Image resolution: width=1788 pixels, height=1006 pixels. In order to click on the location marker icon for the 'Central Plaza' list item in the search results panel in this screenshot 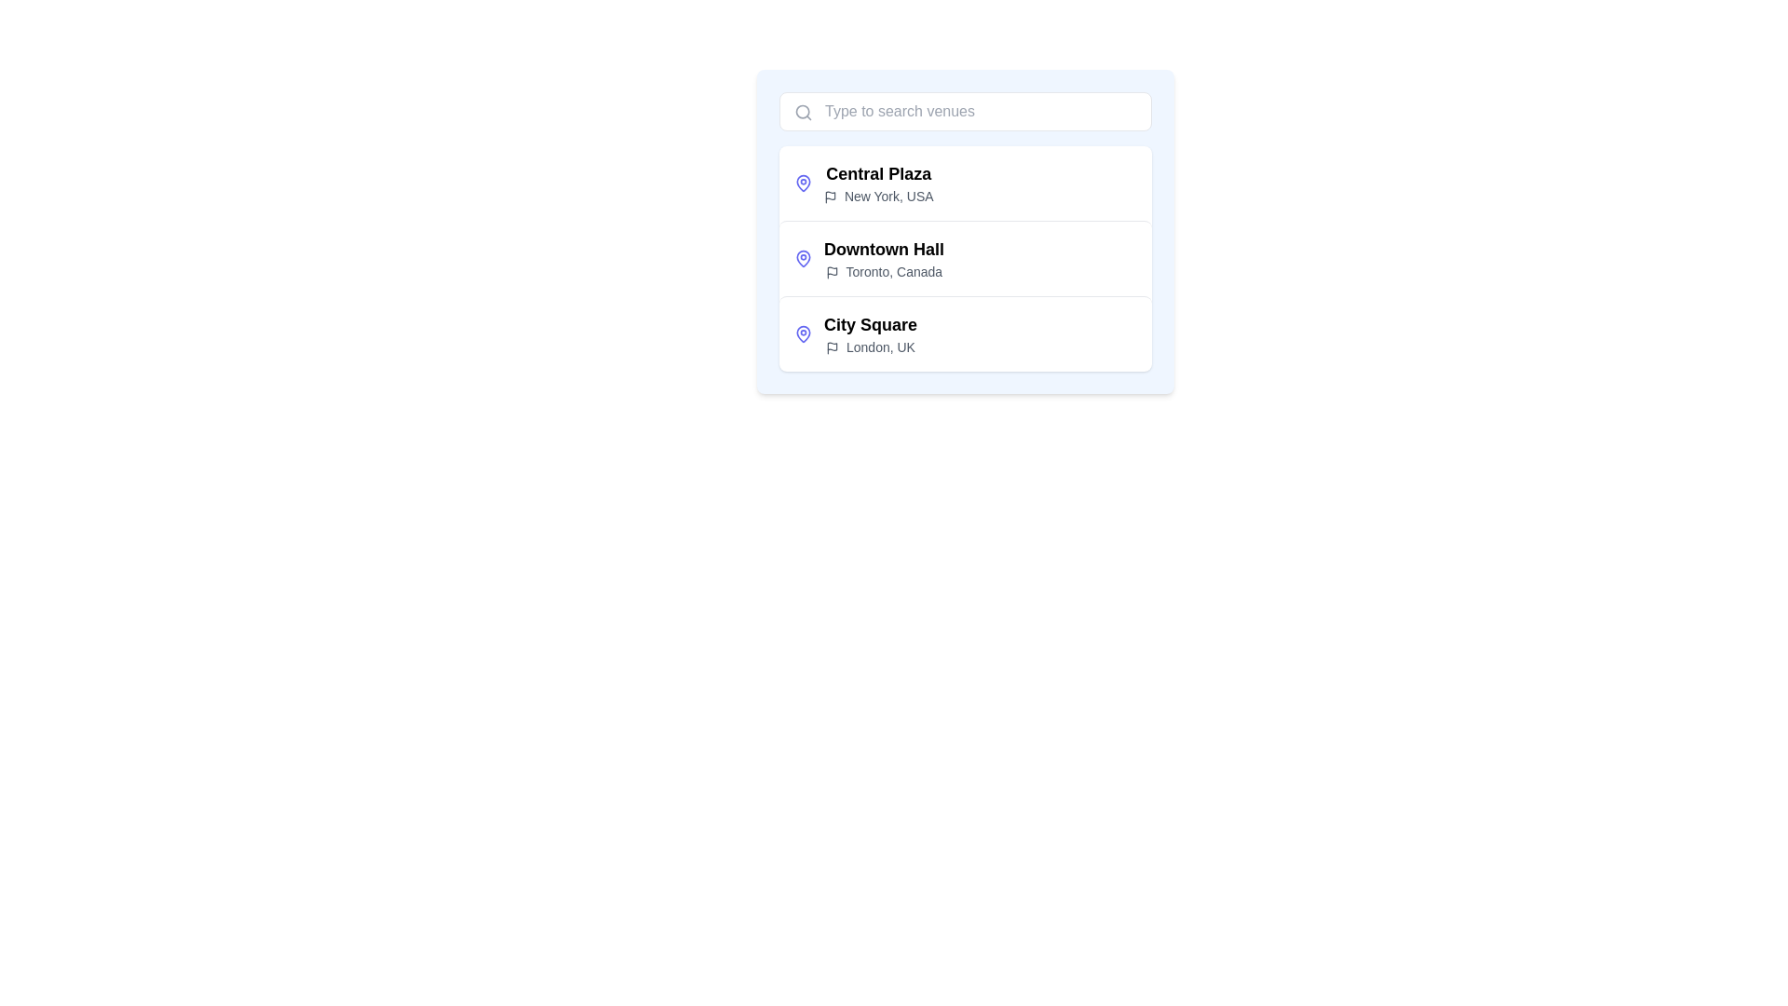, I will do `click(804, 183)`.